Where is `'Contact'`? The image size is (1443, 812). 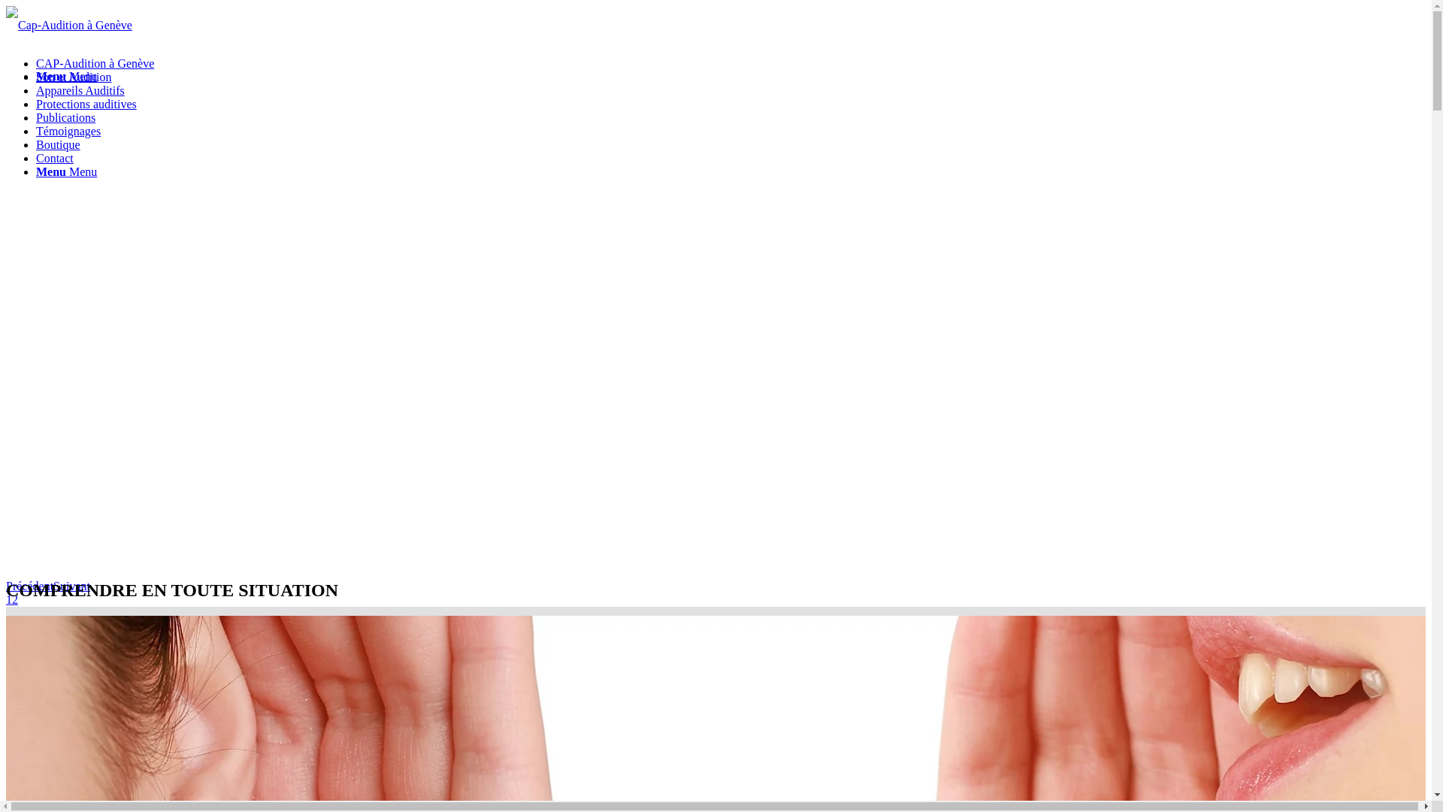 'Contact' is located at coordinates (54, 158).